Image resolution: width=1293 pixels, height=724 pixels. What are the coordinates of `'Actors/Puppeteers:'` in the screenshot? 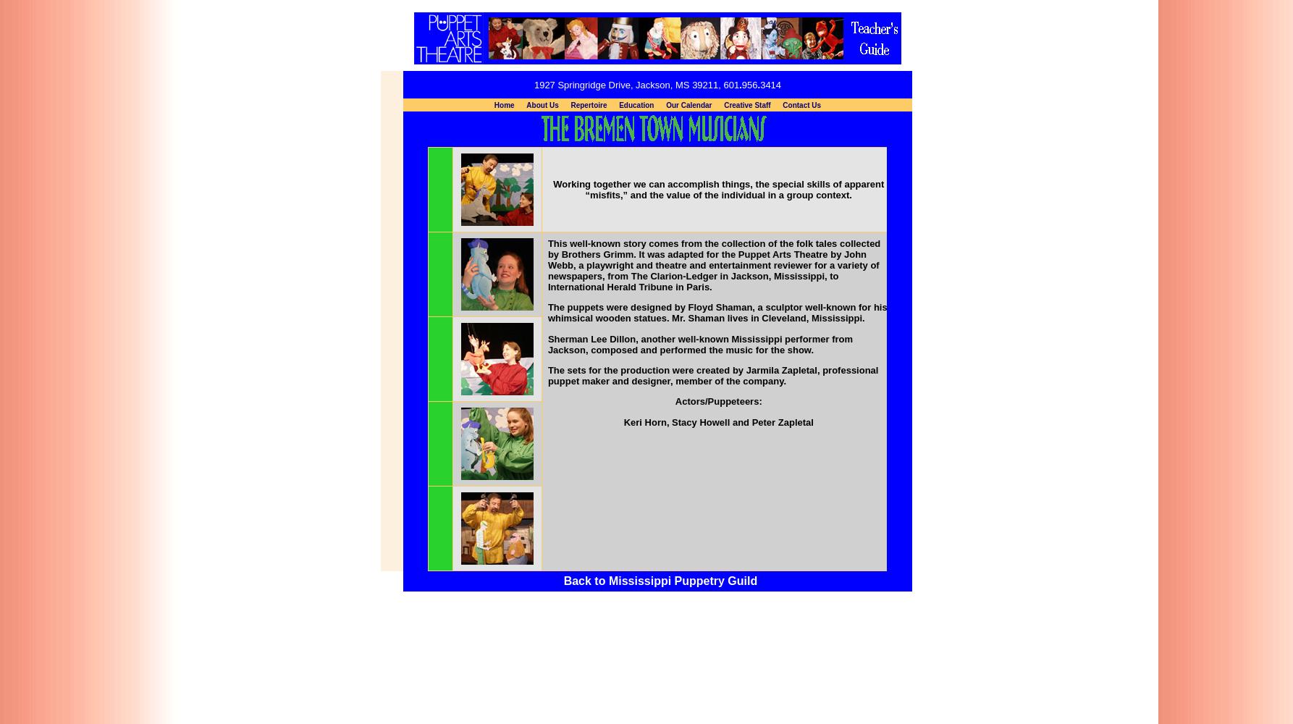 It's located at (717, 401).